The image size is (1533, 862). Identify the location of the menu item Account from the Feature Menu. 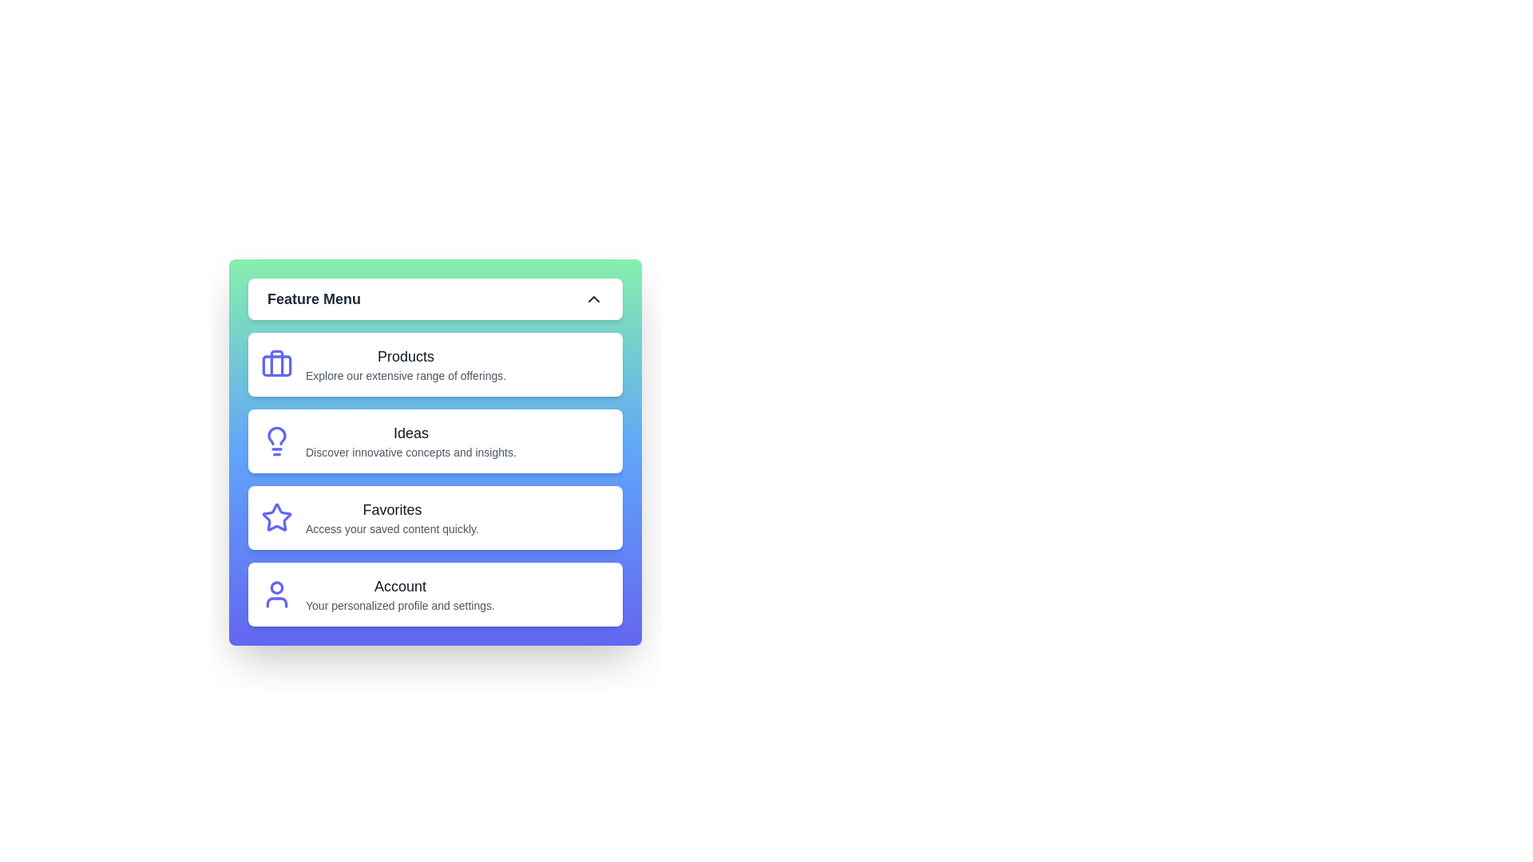
(435, 594).